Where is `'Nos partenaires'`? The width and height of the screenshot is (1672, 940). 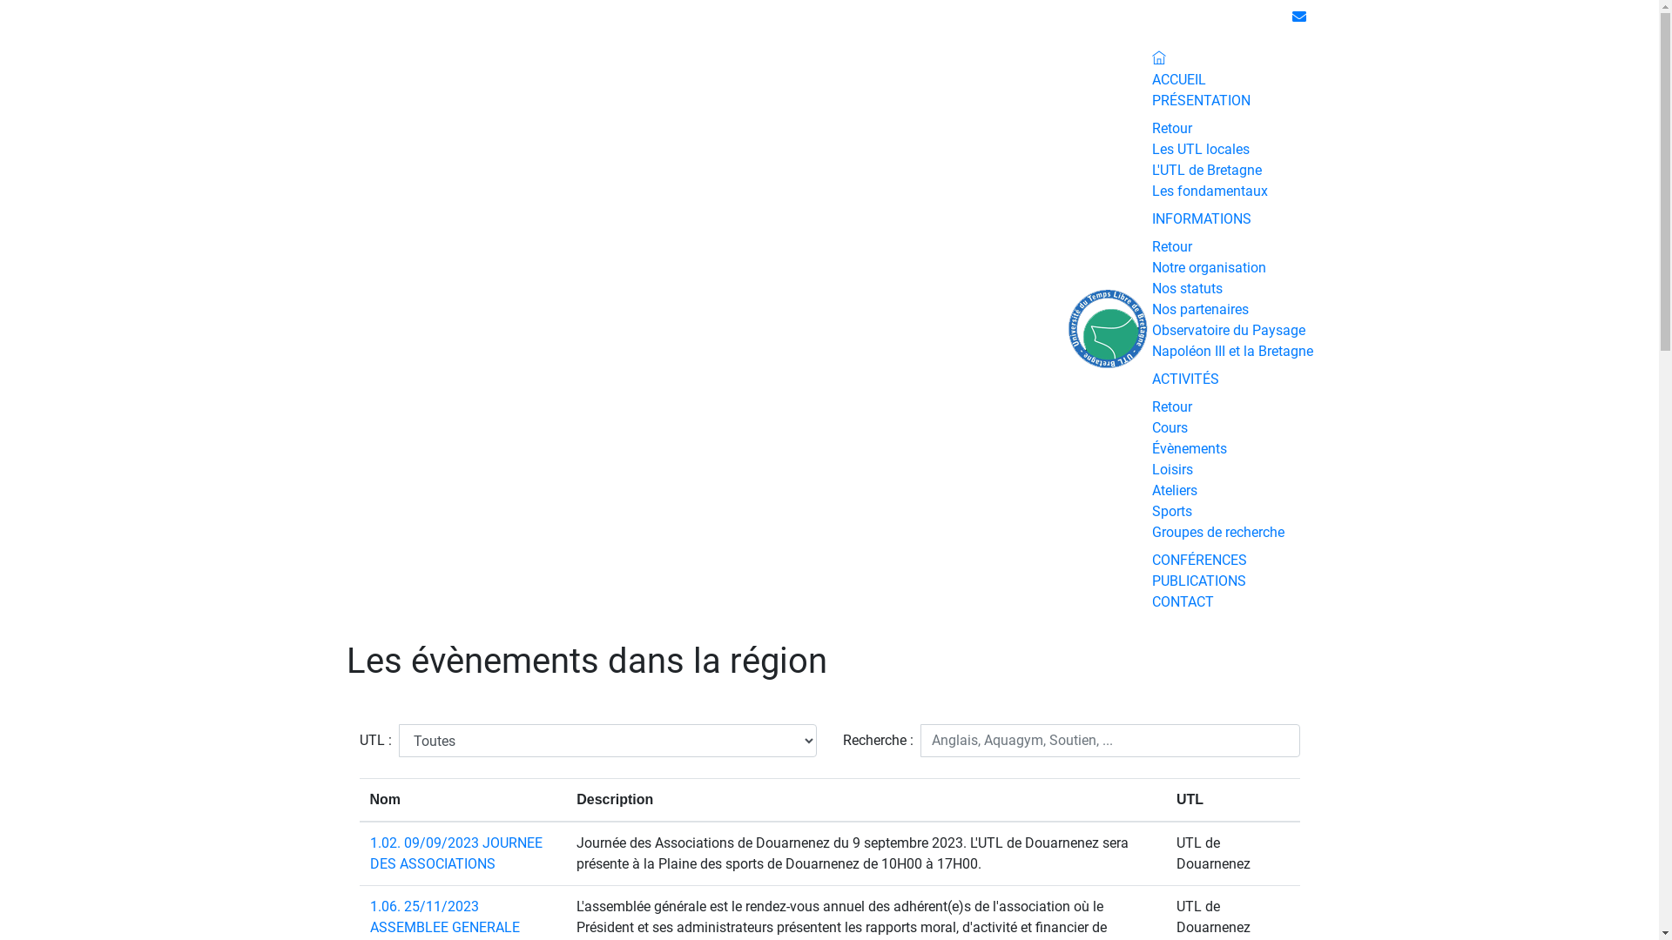
'Nos partenaires' is located at coordinates (1198, 308).